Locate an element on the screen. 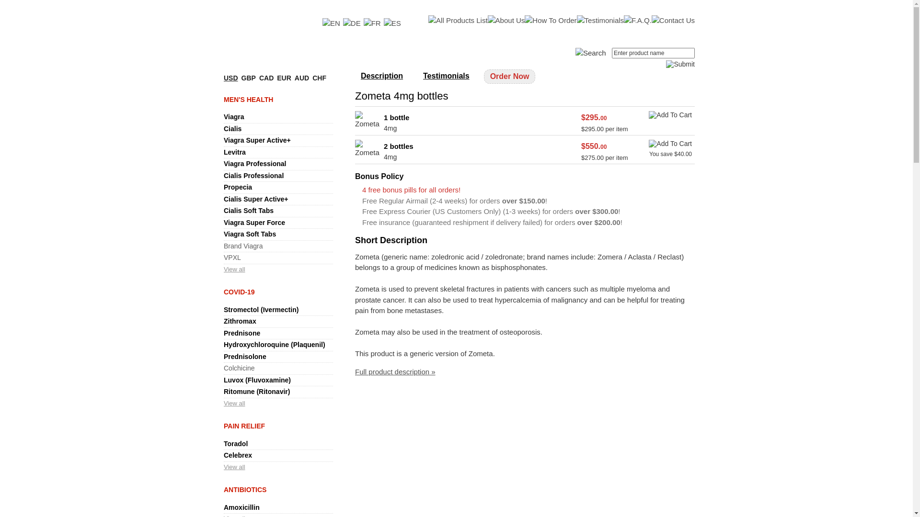  'Colchicine' is located at coordinates (239, 367).